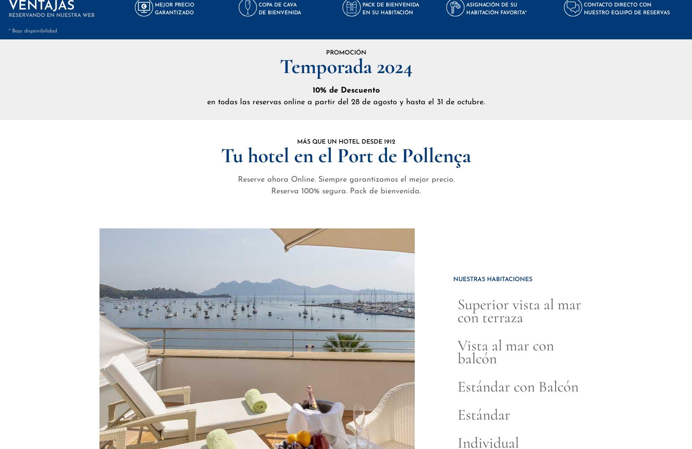 Image resolution: width=692 pixels, height=449 pixels. Describe the element at coordinates (627, 12) in the screenshot. I see `'NUESTRO EQUIPO DE RESERVAS'` at that location.